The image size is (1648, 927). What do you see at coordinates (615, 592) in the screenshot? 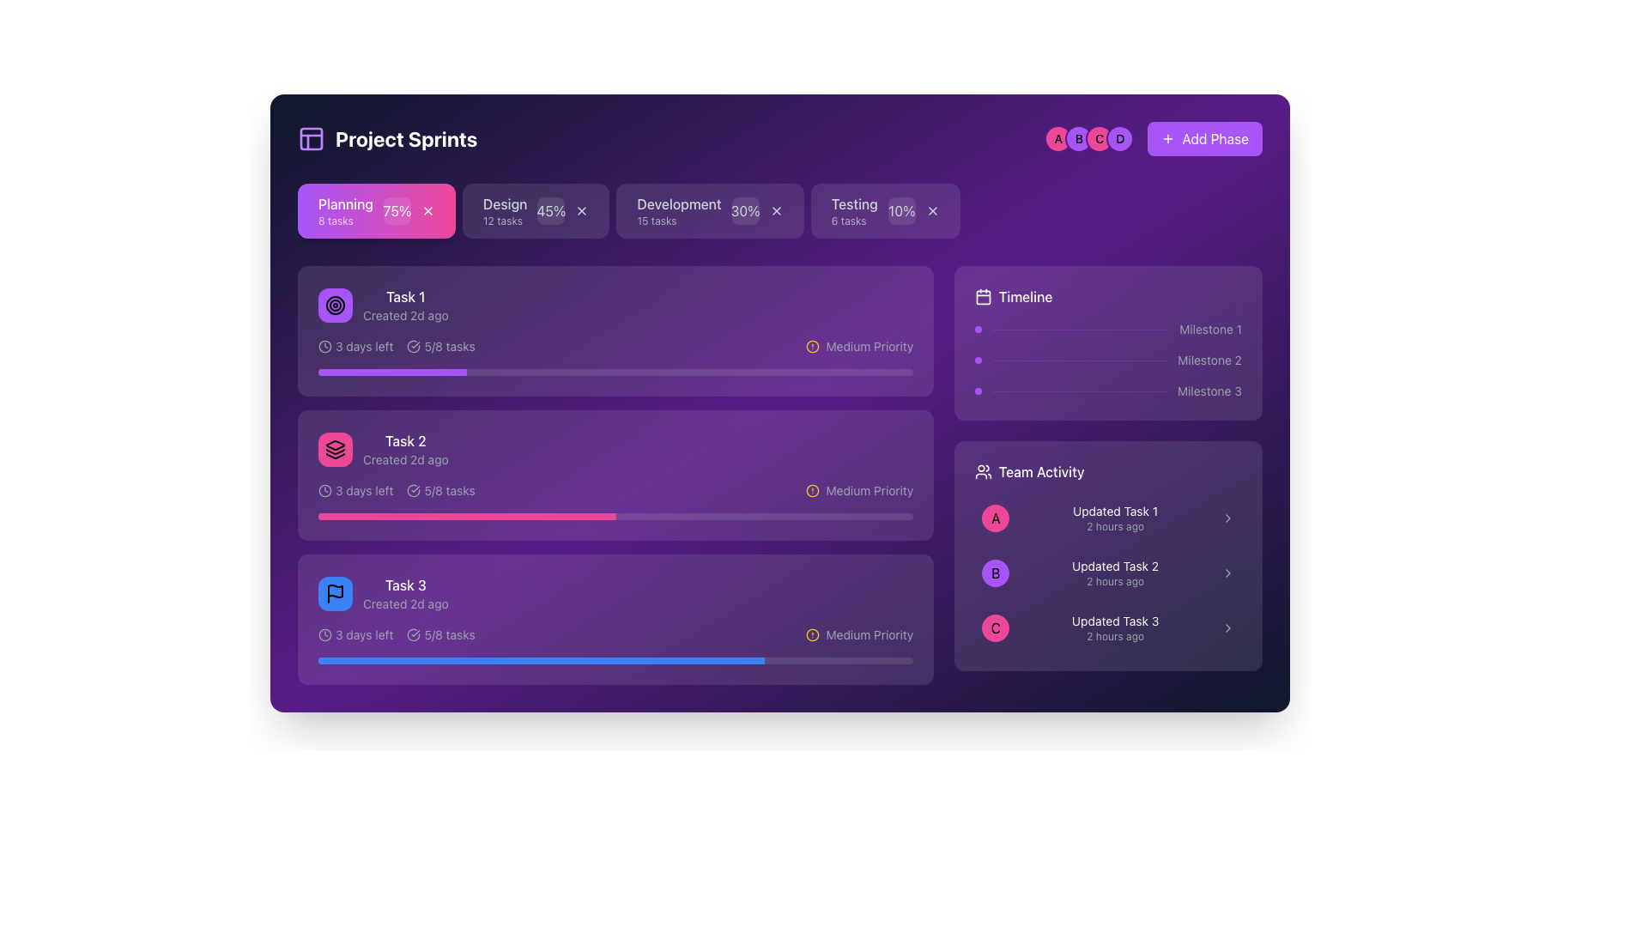
I see `the Task overview row of the third task in the vertically arranged list within the 'Project Sprints' section` at bounding box center [615, 592].